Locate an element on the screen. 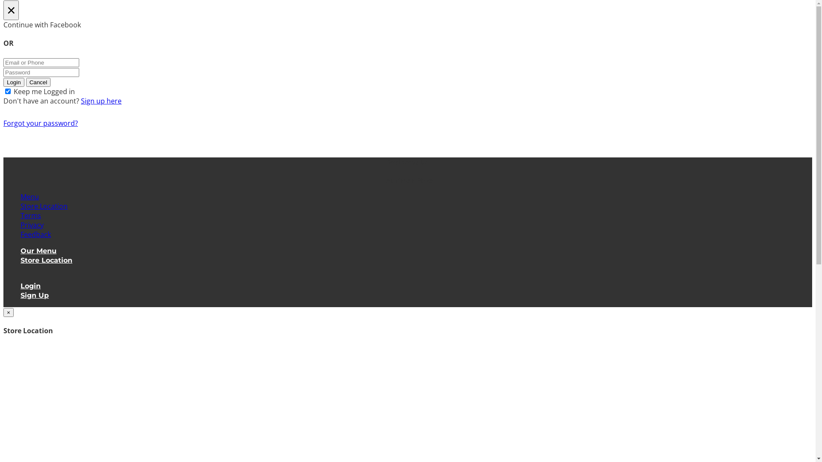  'Cancel' is located at coordinates (38, 82).